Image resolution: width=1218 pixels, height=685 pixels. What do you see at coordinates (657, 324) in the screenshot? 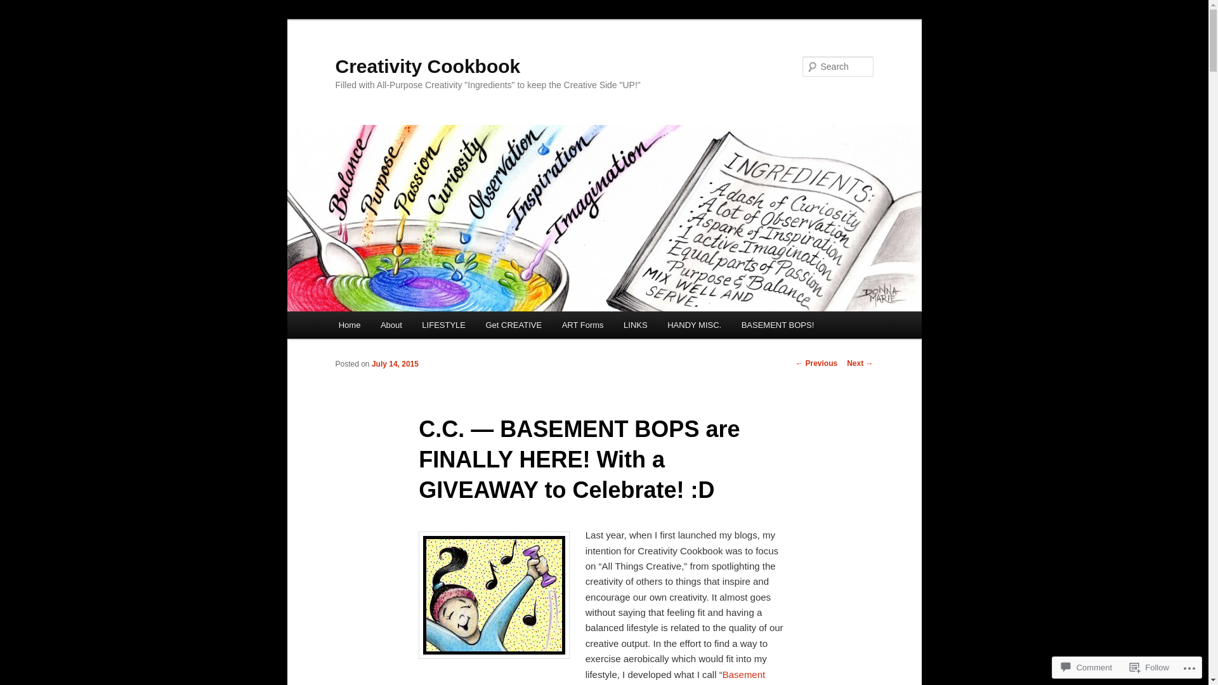
I see `'HANDY MISC.'` at bounding box center [657, 324].